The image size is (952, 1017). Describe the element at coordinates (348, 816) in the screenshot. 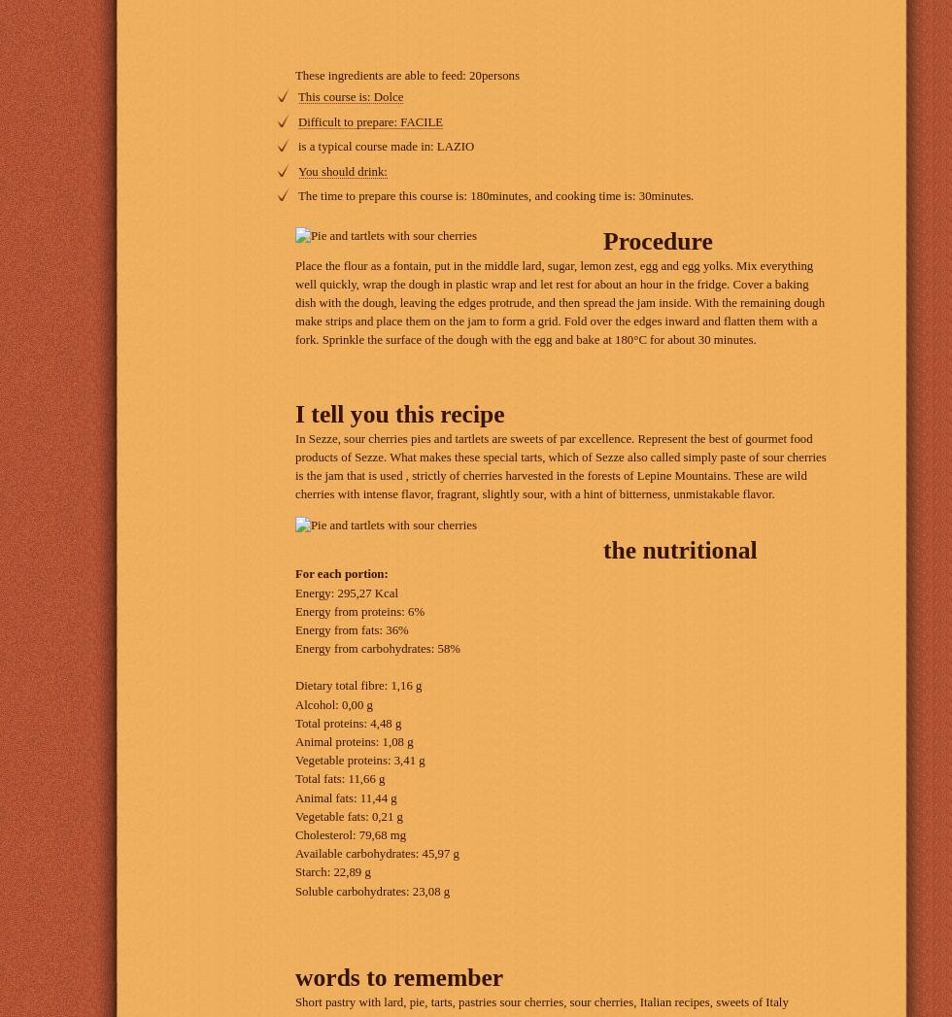

I see `'Vegetable fats: 0,21 g'` at that location.